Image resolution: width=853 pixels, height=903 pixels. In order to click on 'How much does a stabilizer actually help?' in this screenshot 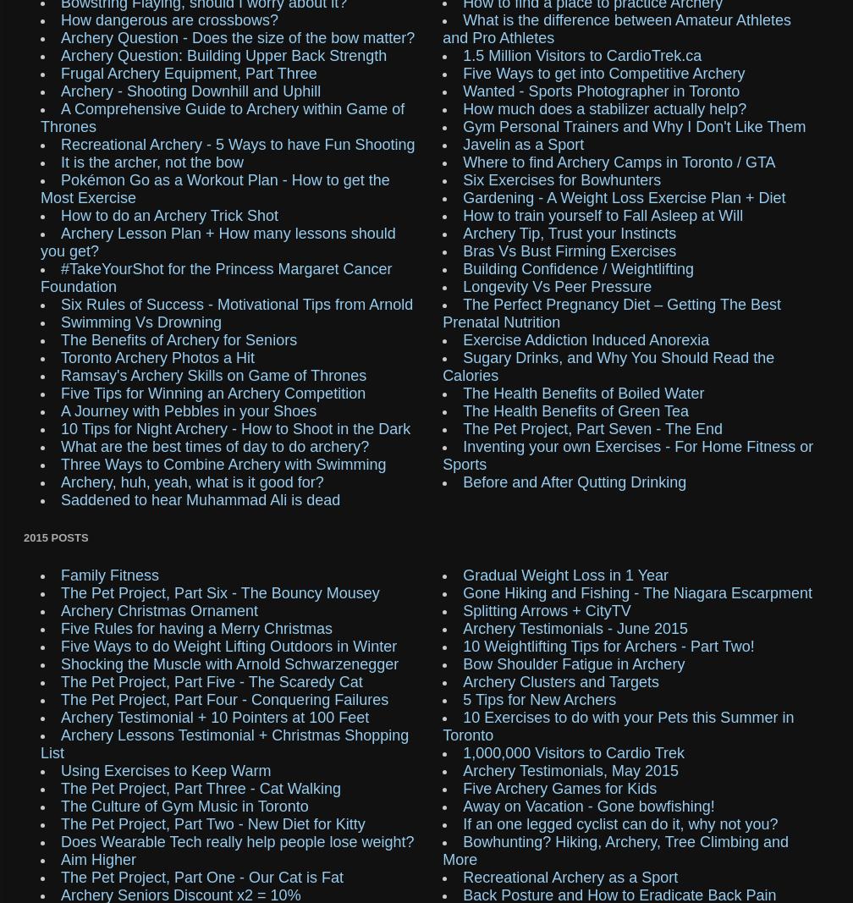, I will do `click(604, 107)`.